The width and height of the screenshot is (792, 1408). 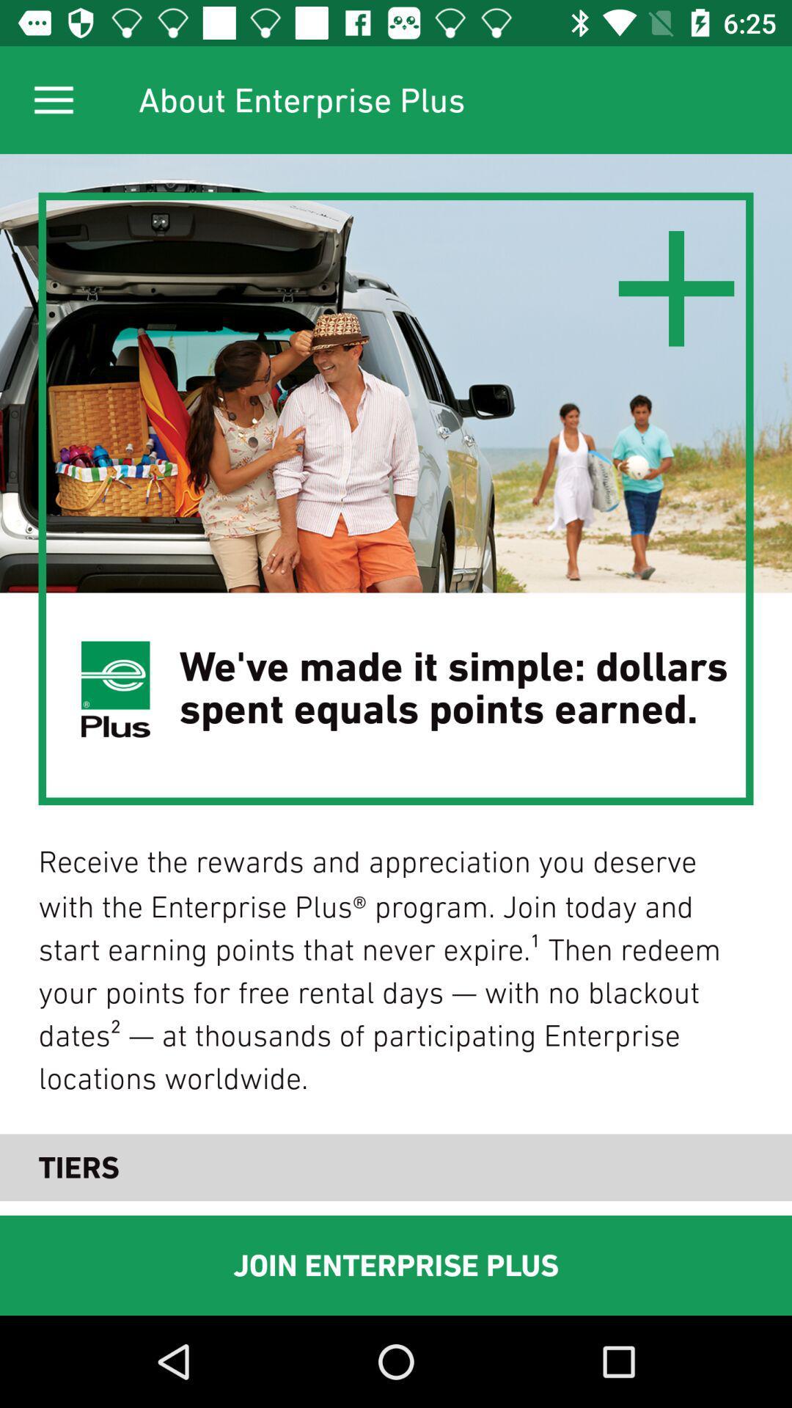 I want to click on the item to the left of the about enterprise plus, so click(x=53, y=99).